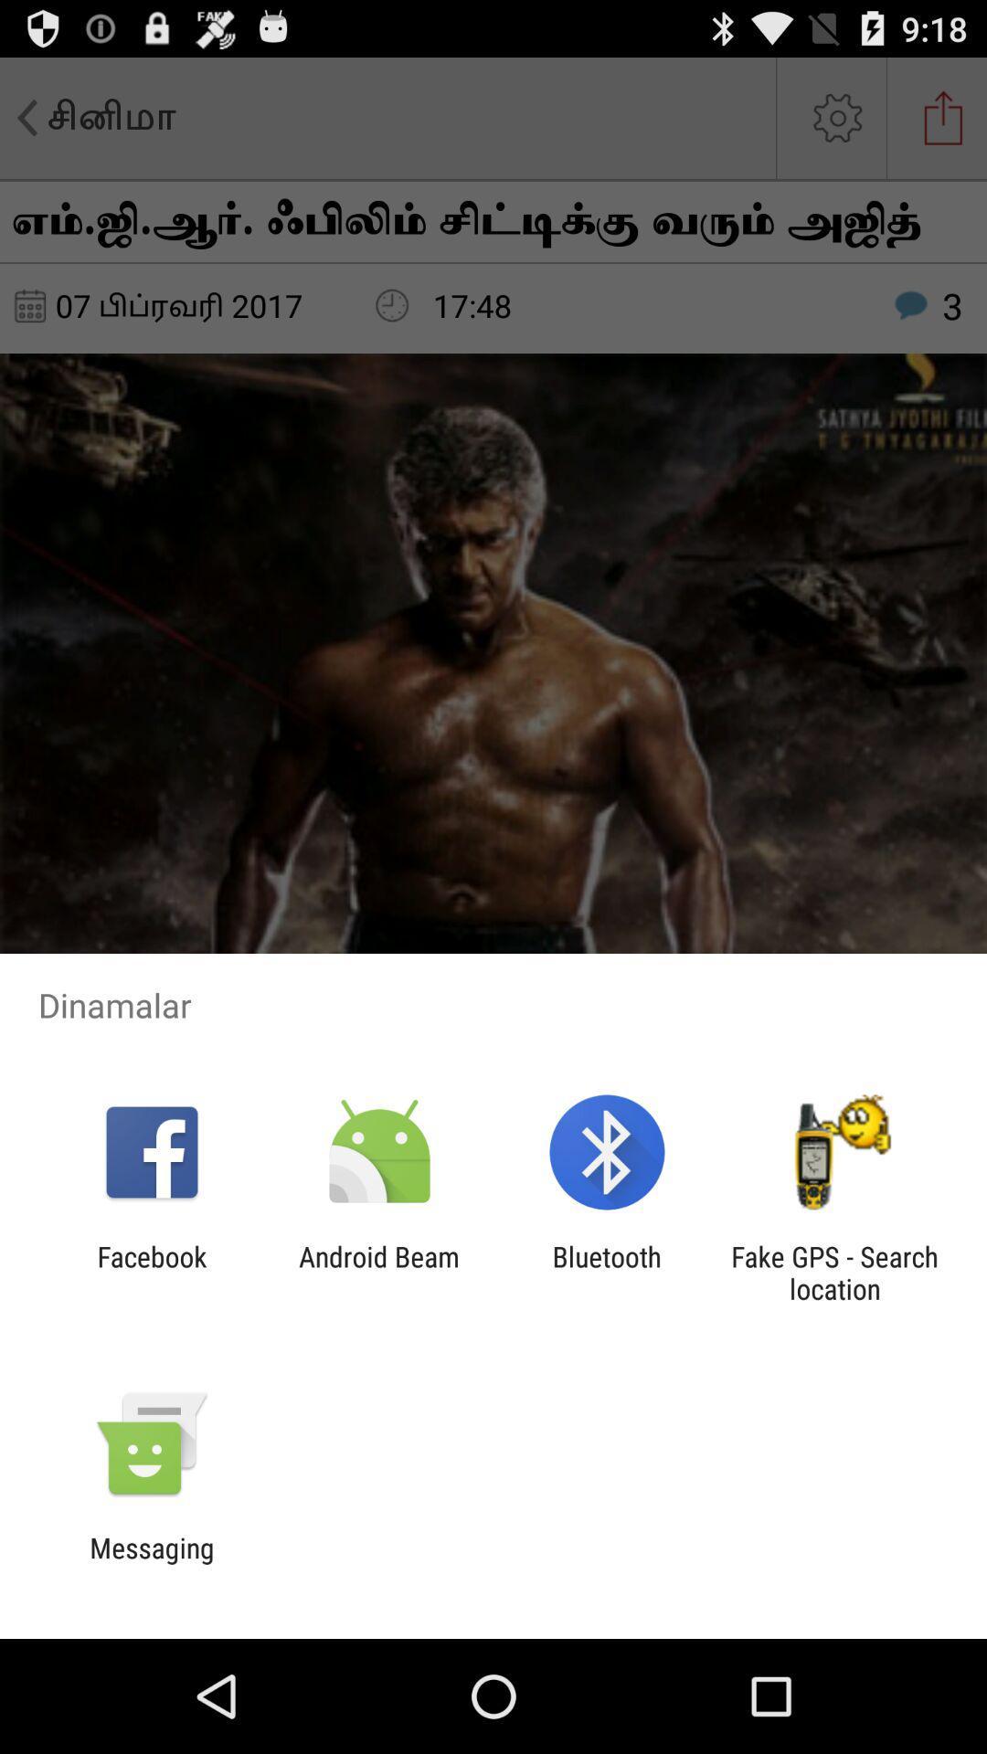 This screenshot has height=1754, width=987. Describe the element at coordinates (834, 1272) in the screenshot. I see `fake gps search item` at that location.